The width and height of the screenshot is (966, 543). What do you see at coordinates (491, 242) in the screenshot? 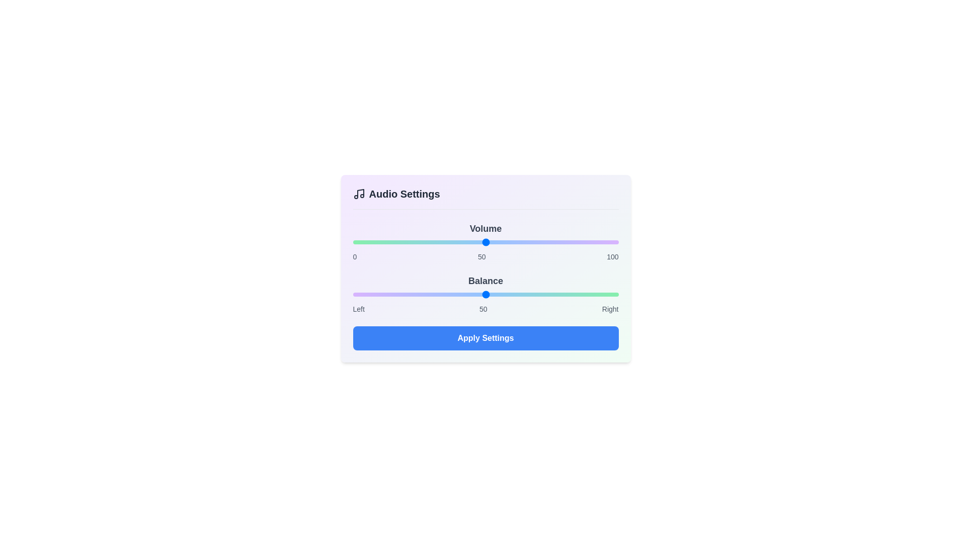
I see `the volume level` at bounding box center [491, 242].